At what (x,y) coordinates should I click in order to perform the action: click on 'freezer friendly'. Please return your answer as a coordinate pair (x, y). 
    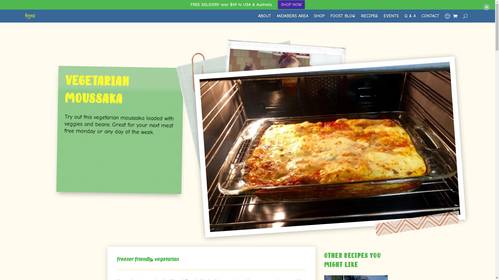
    Looking at the image, I should click on (134, 259).